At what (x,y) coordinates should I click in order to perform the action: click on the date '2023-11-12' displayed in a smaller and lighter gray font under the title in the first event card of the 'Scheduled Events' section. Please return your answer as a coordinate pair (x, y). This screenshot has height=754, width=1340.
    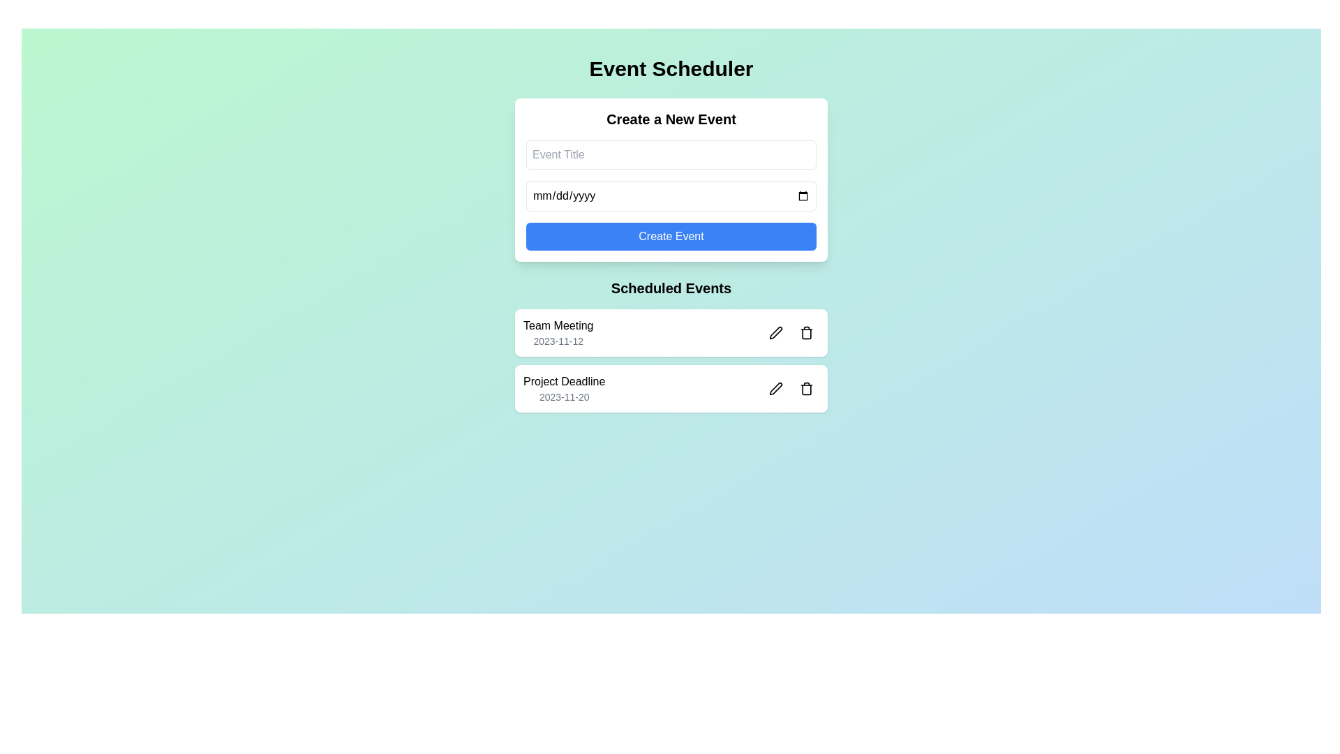
    Looking at the image, I should click on (558, 341).